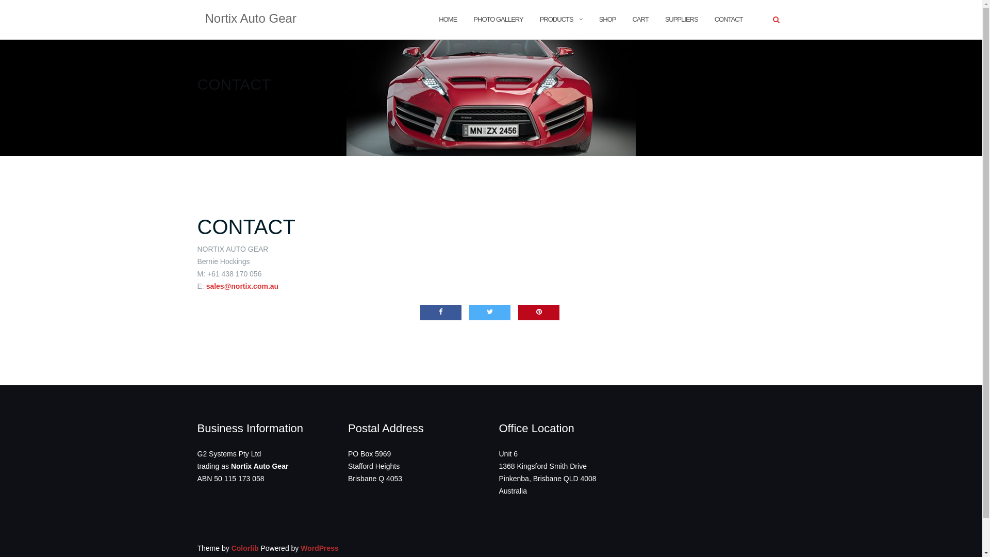 The height and width of the screenshot is (557, 990). Describe the element at coordinates (0, 0) in the screenshot. I see `'Skip to content'` at that location.